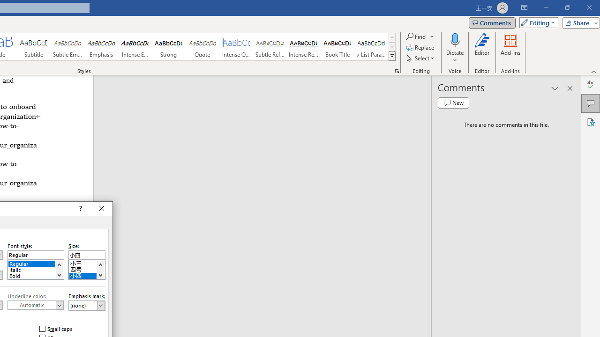 The width and height of the screenshot is (600, 337). What do you see at coordinates (455, 48) in the screenshot?
I see `'Dictate'` at bounding box center [455, 48].